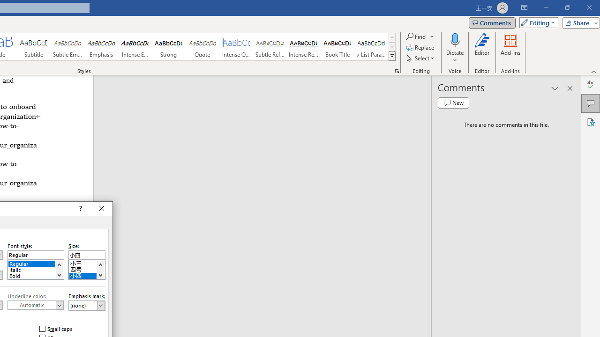 The width and height of the screenshot is (600, 337). What do you see at coordinates (455, 48) in the screenshot?
I see `'Dictate'` at bounding box center [455, 48].